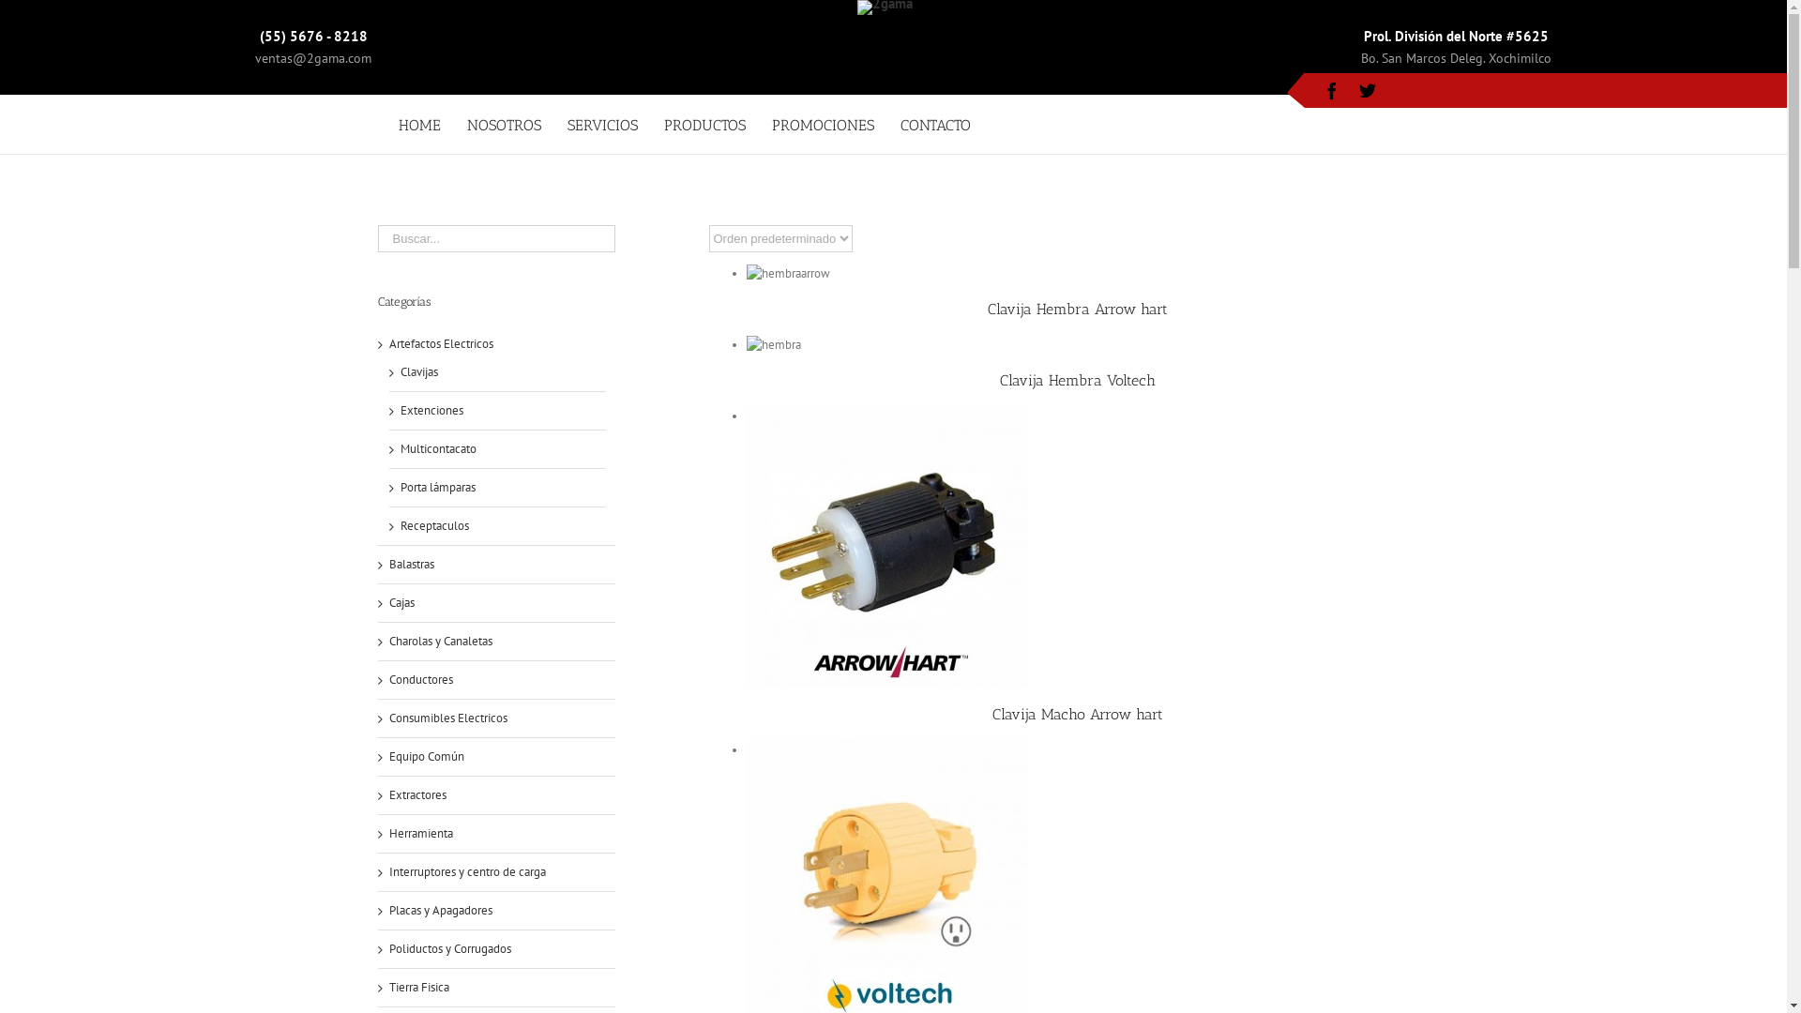 This screenshot has width=1801, height=1013. What do you see at coordinates (1368, 90) in the screenshot?
I see `'Twitter'` at bounding box center [1368, 90].